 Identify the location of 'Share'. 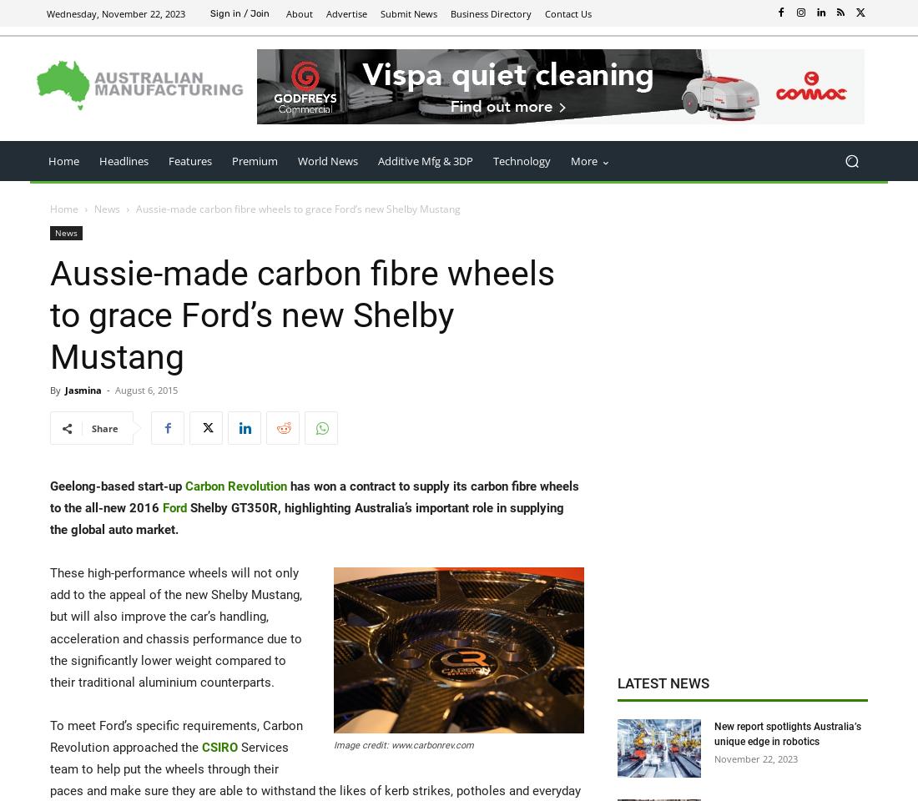
(104, 427).